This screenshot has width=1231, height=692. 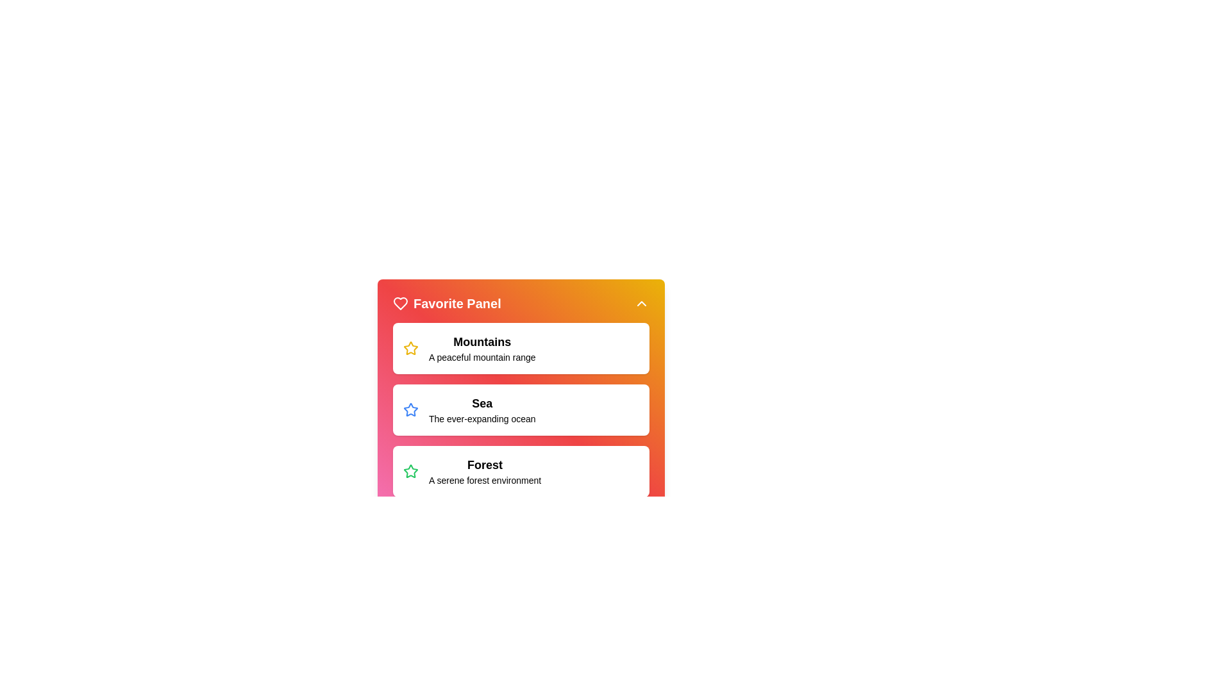 I want to click on the star icon button in the 'Forest' section of the 'Favorite Panel', so click(x=411, y=472).